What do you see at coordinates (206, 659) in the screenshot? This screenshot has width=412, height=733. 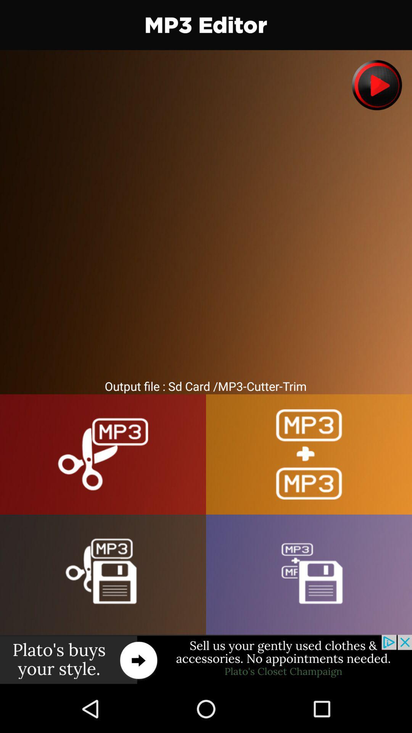 I see `advertisement display` at bounding box center [206, 659].